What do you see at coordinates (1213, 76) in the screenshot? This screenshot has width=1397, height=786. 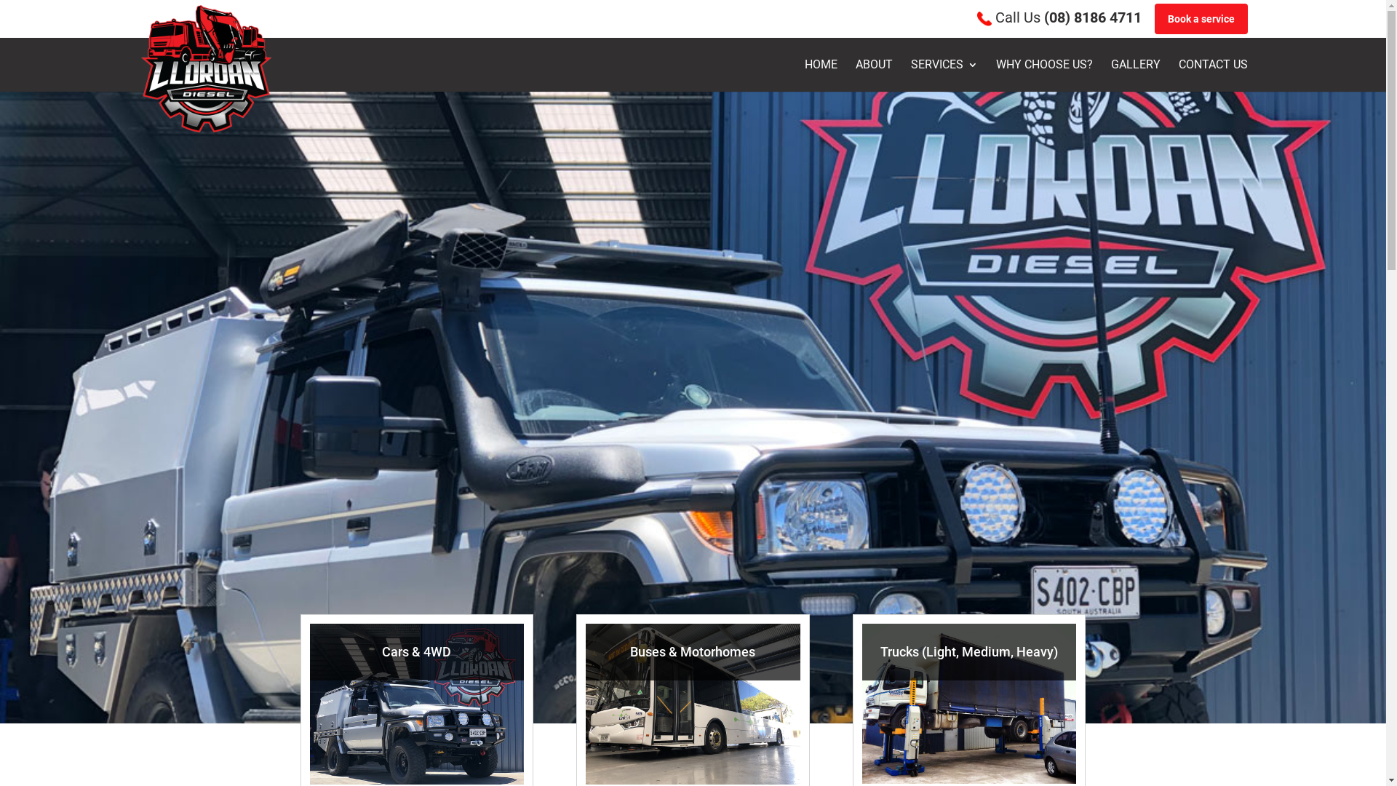 I see `'CONTACT US'` at bounding box center [1213, 76].